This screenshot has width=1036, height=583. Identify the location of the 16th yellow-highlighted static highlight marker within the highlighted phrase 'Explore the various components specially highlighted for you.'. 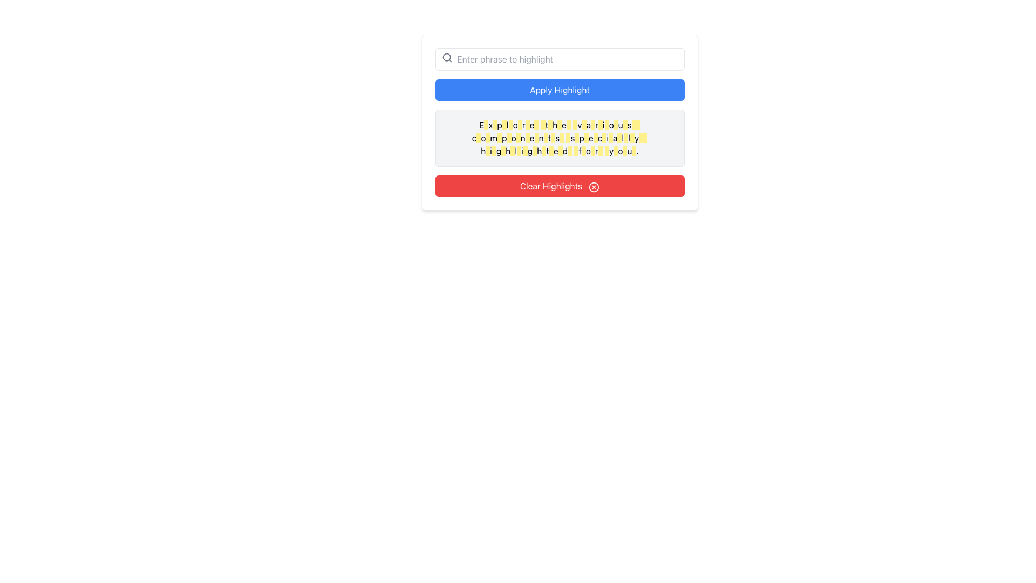
(606, 124).